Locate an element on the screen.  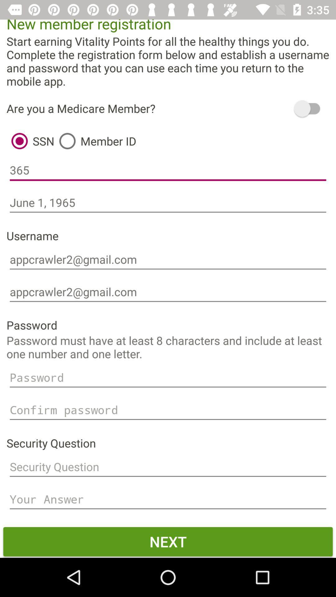
your security answer is located at coordinates (168, 499).